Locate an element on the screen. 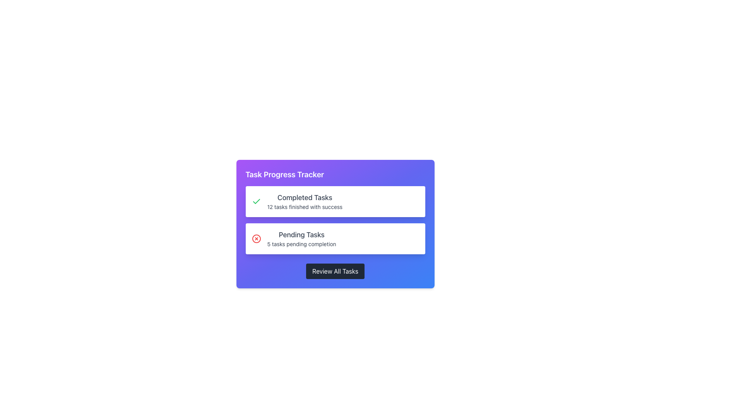  the informational block displaying pending tasks, which is located in the center of a purple-to-blue gradient section, above the black button labeled 'Review All Tasks' is located at coordinates (335, 224).